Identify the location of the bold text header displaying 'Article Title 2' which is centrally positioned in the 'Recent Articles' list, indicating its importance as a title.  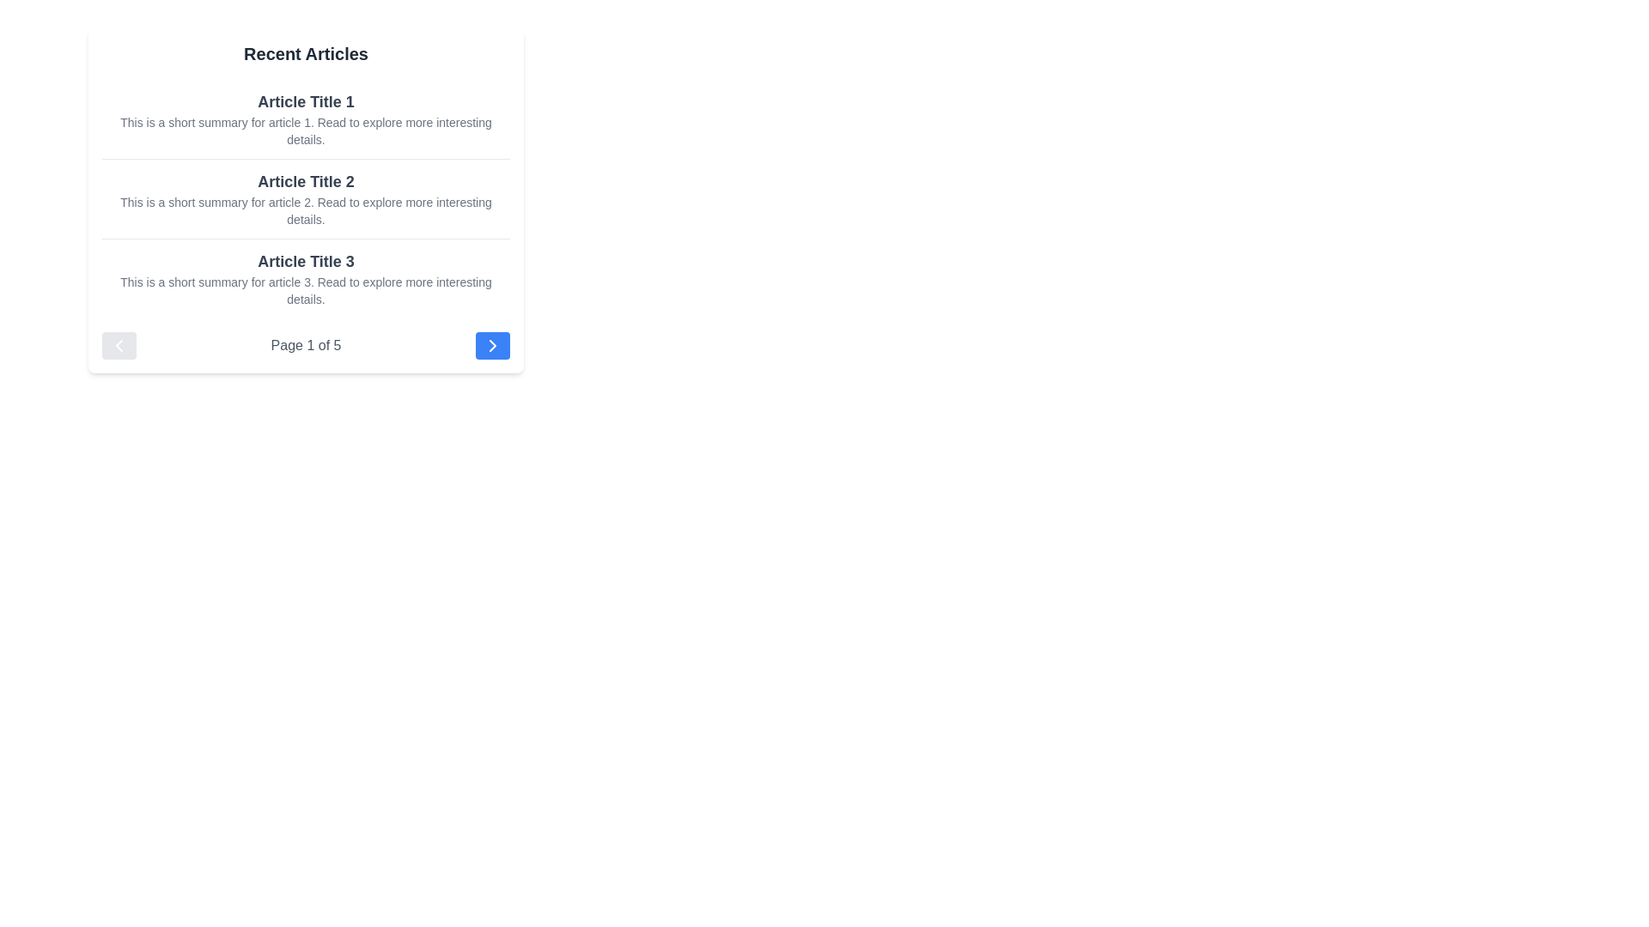
(306, 182).